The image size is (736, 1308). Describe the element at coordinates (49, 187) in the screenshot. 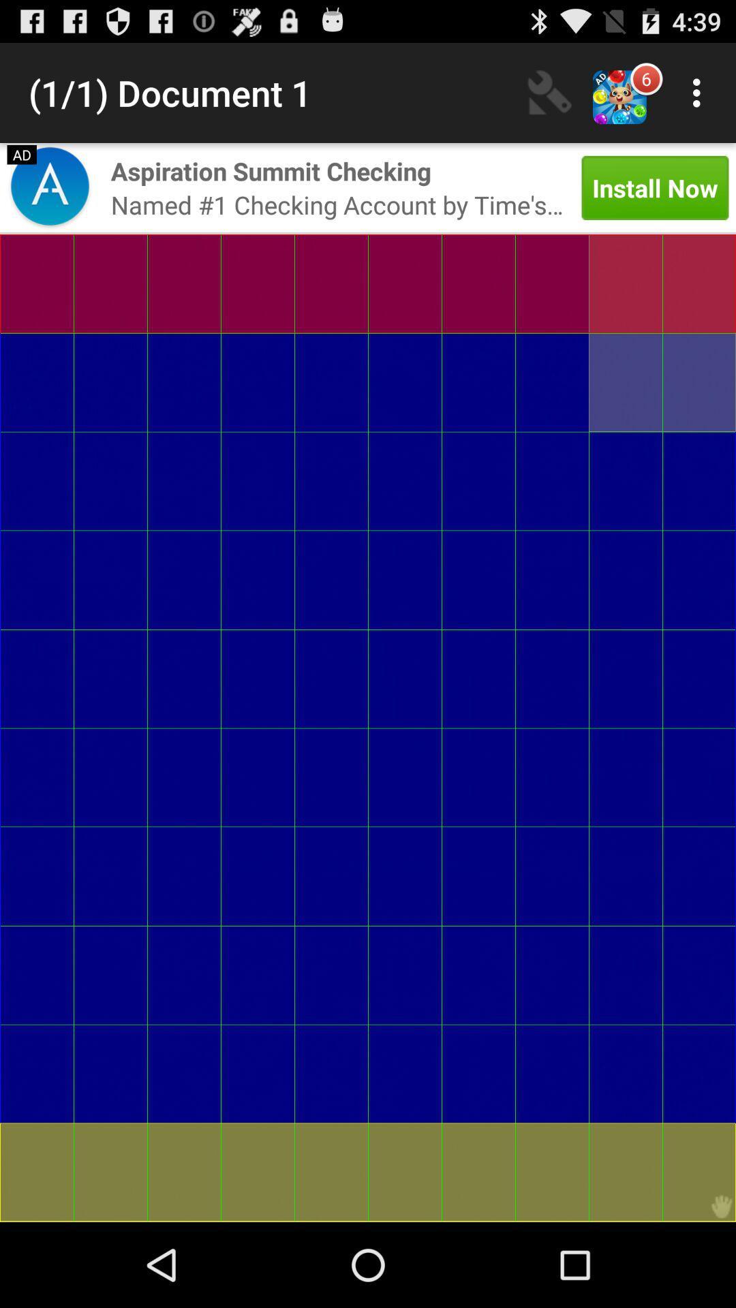

I see `item below 1 1 document` at that location.